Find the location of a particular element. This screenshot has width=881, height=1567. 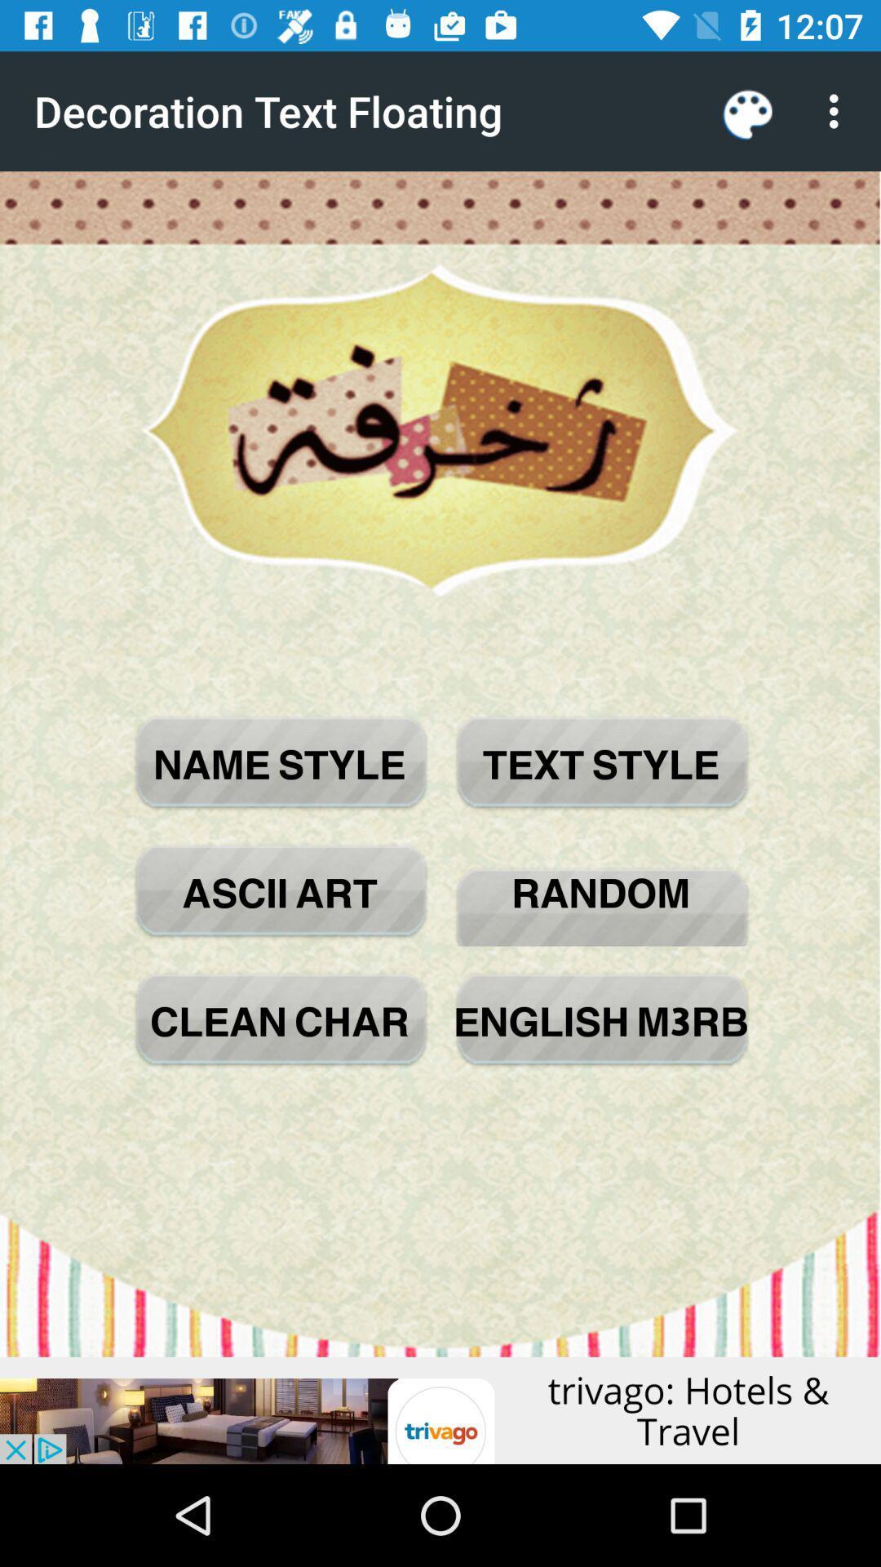

advertisement is located at coordinates (440, 1409).